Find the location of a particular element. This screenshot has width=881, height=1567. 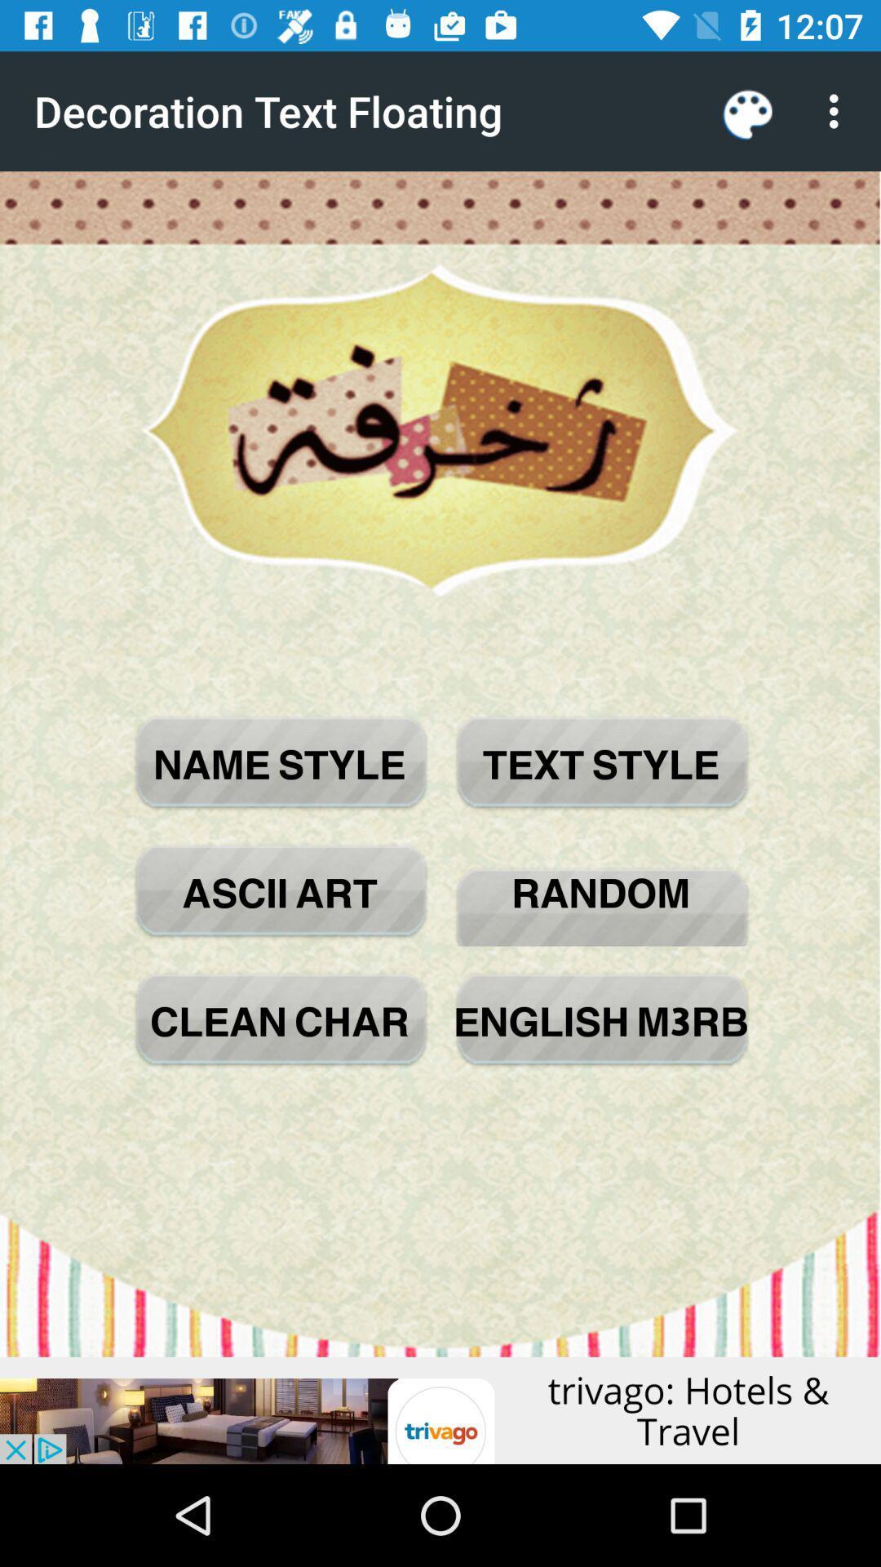

advertisement is located at coordinates (440, 1409).